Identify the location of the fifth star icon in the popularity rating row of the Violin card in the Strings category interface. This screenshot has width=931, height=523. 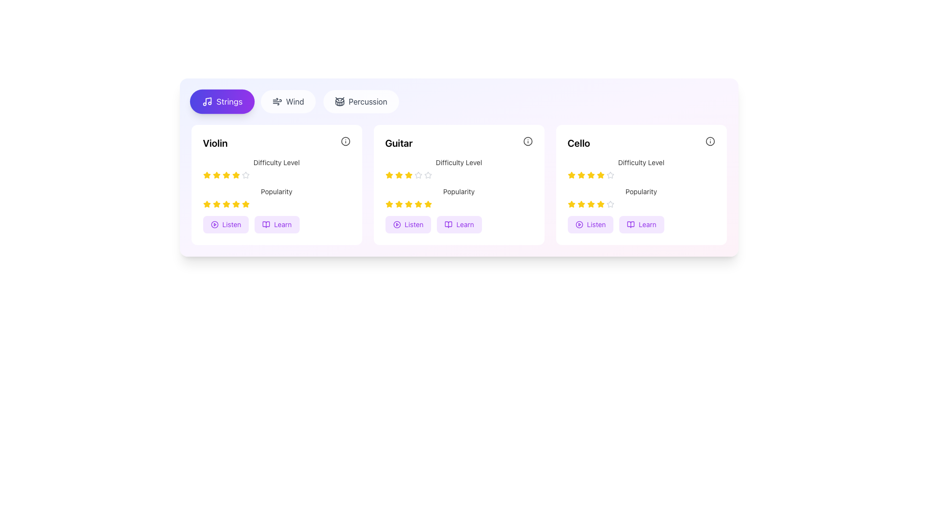
(245, 203).